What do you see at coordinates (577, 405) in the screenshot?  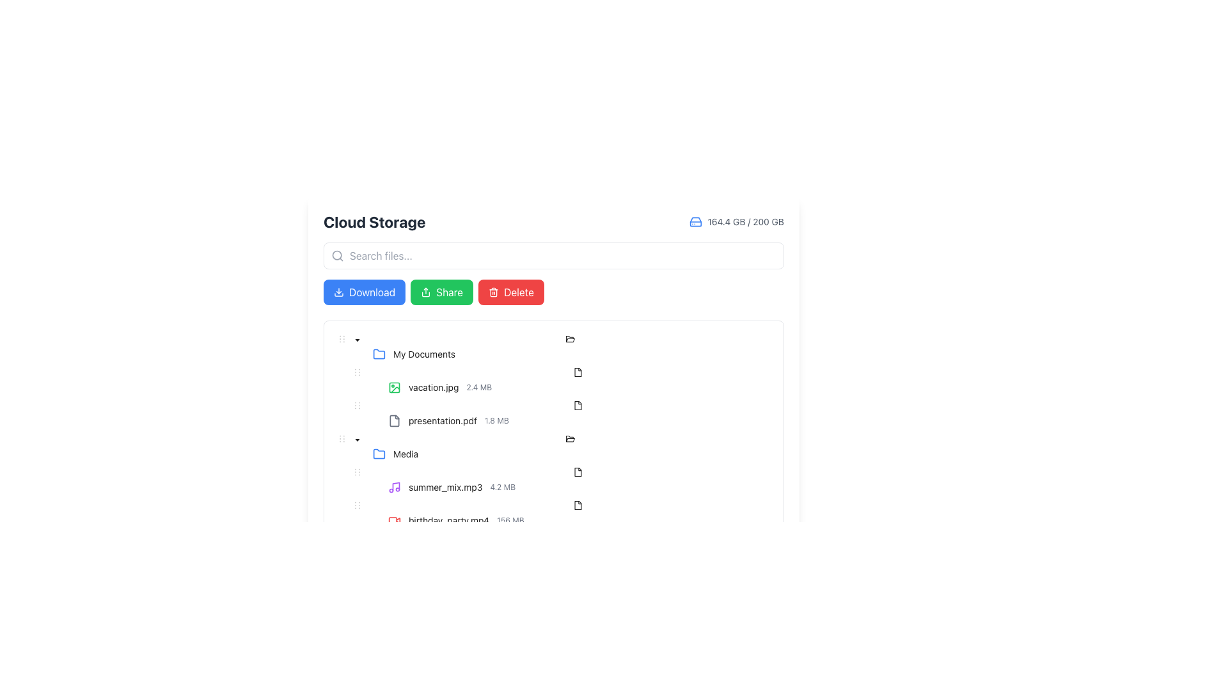 I see `the document icon representing 'presentation.pdf' located in the file listing row, which is situated immediately to the left of the text label 'presentation.pdf 1.8 MB'` at bounding box center [577, 405].